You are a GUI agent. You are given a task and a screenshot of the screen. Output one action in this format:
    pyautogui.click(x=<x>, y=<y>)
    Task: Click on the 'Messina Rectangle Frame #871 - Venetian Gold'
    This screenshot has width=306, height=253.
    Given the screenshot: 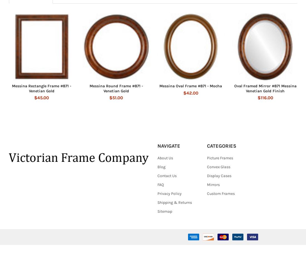 What is the action you would take?
    pyautogui.click(x=41, y=96)
    